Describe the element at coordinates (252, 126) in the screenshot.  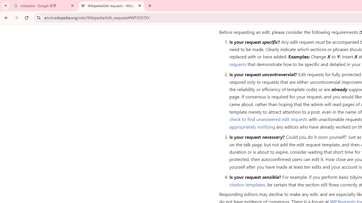
I see `'appropriately notifying'` at that location.